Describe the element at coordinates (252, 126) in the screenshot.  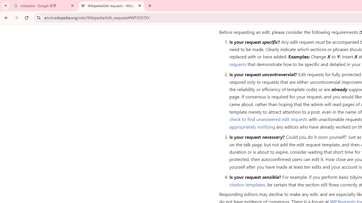
I see `'appropriately notifying'` at that location.